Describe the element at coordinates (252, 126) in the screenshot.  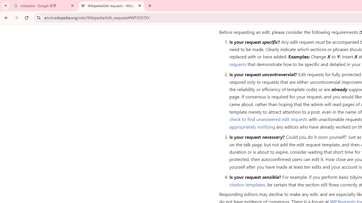
I see `'appropriately notifying'` at that location.